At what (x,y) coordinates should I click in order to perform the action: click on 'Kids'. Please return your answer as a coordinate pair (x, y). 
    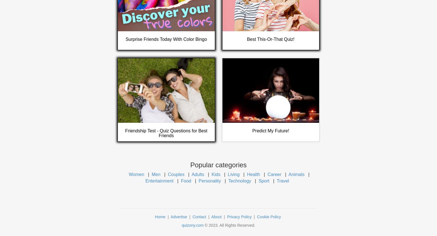
    Looking at the image, I should click on (211, 174).